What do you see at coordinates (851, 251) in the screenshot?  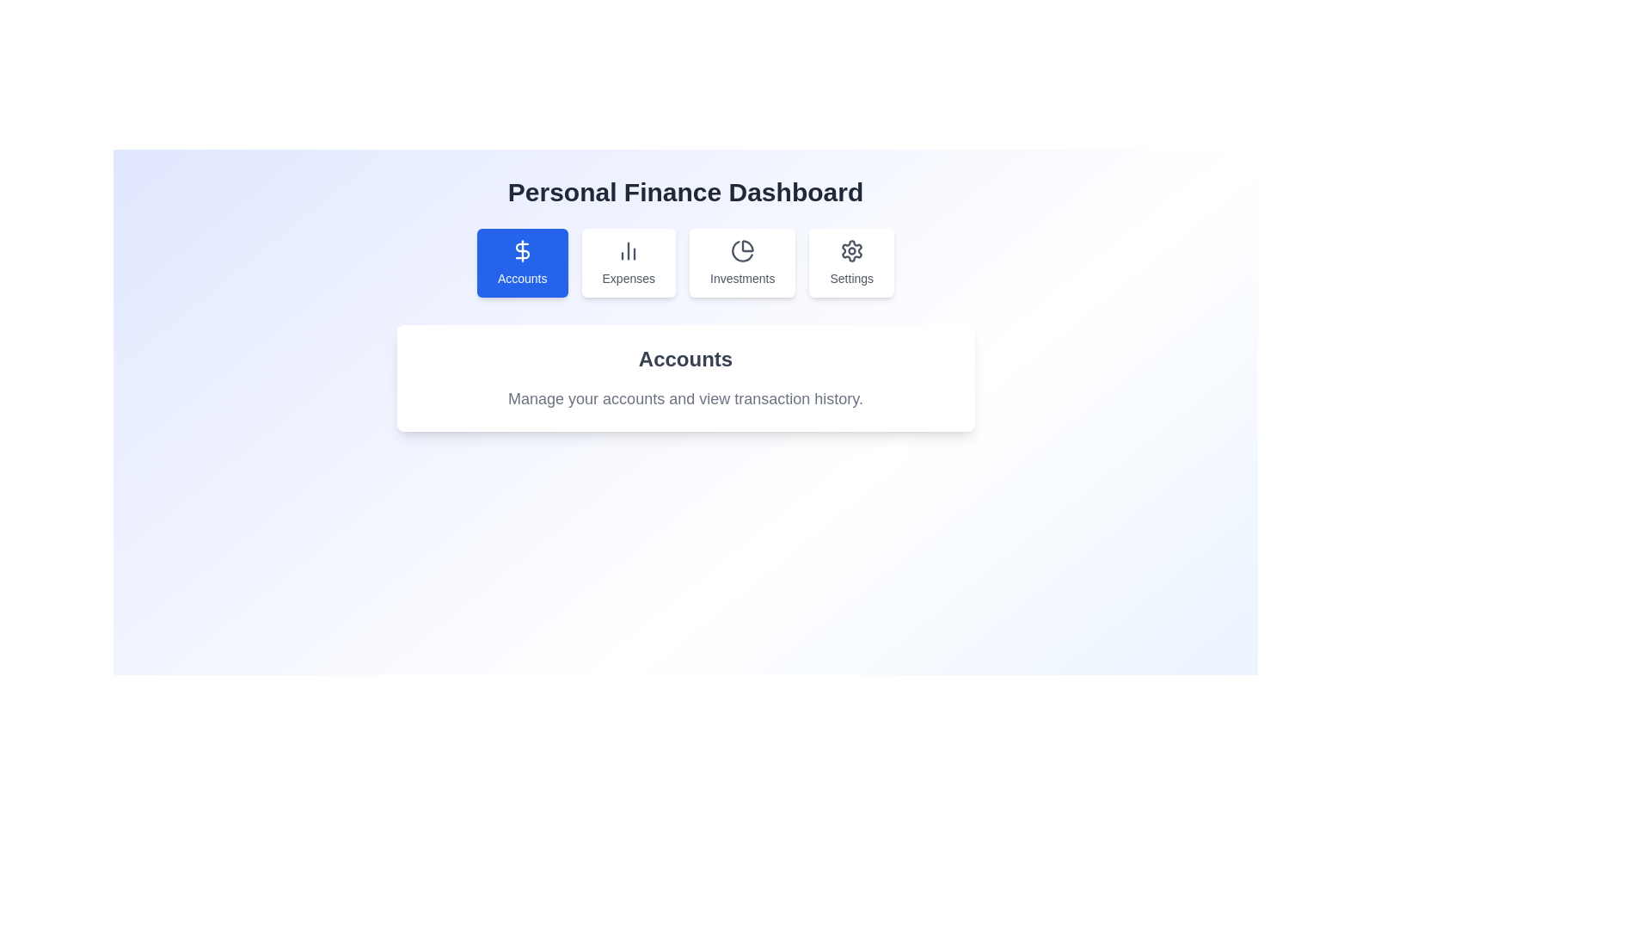 I see `the cogwheel settings icon, which is the fourth button in the top menu bar from the left, characterized by its circular shape and gear-like protrusions` at bounding box center [851, 251].